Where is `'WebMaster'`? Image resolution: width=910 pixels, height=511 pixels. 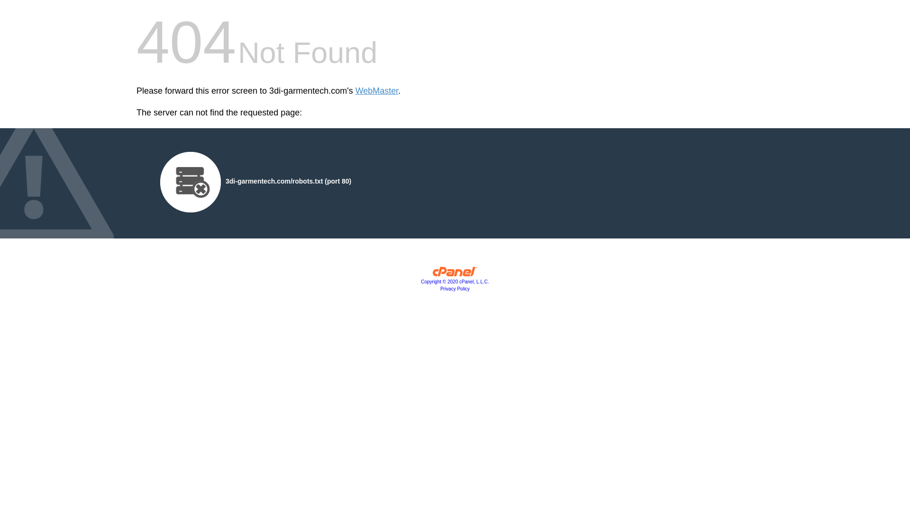
'WebMaster' is located at coordinates (376, 91).